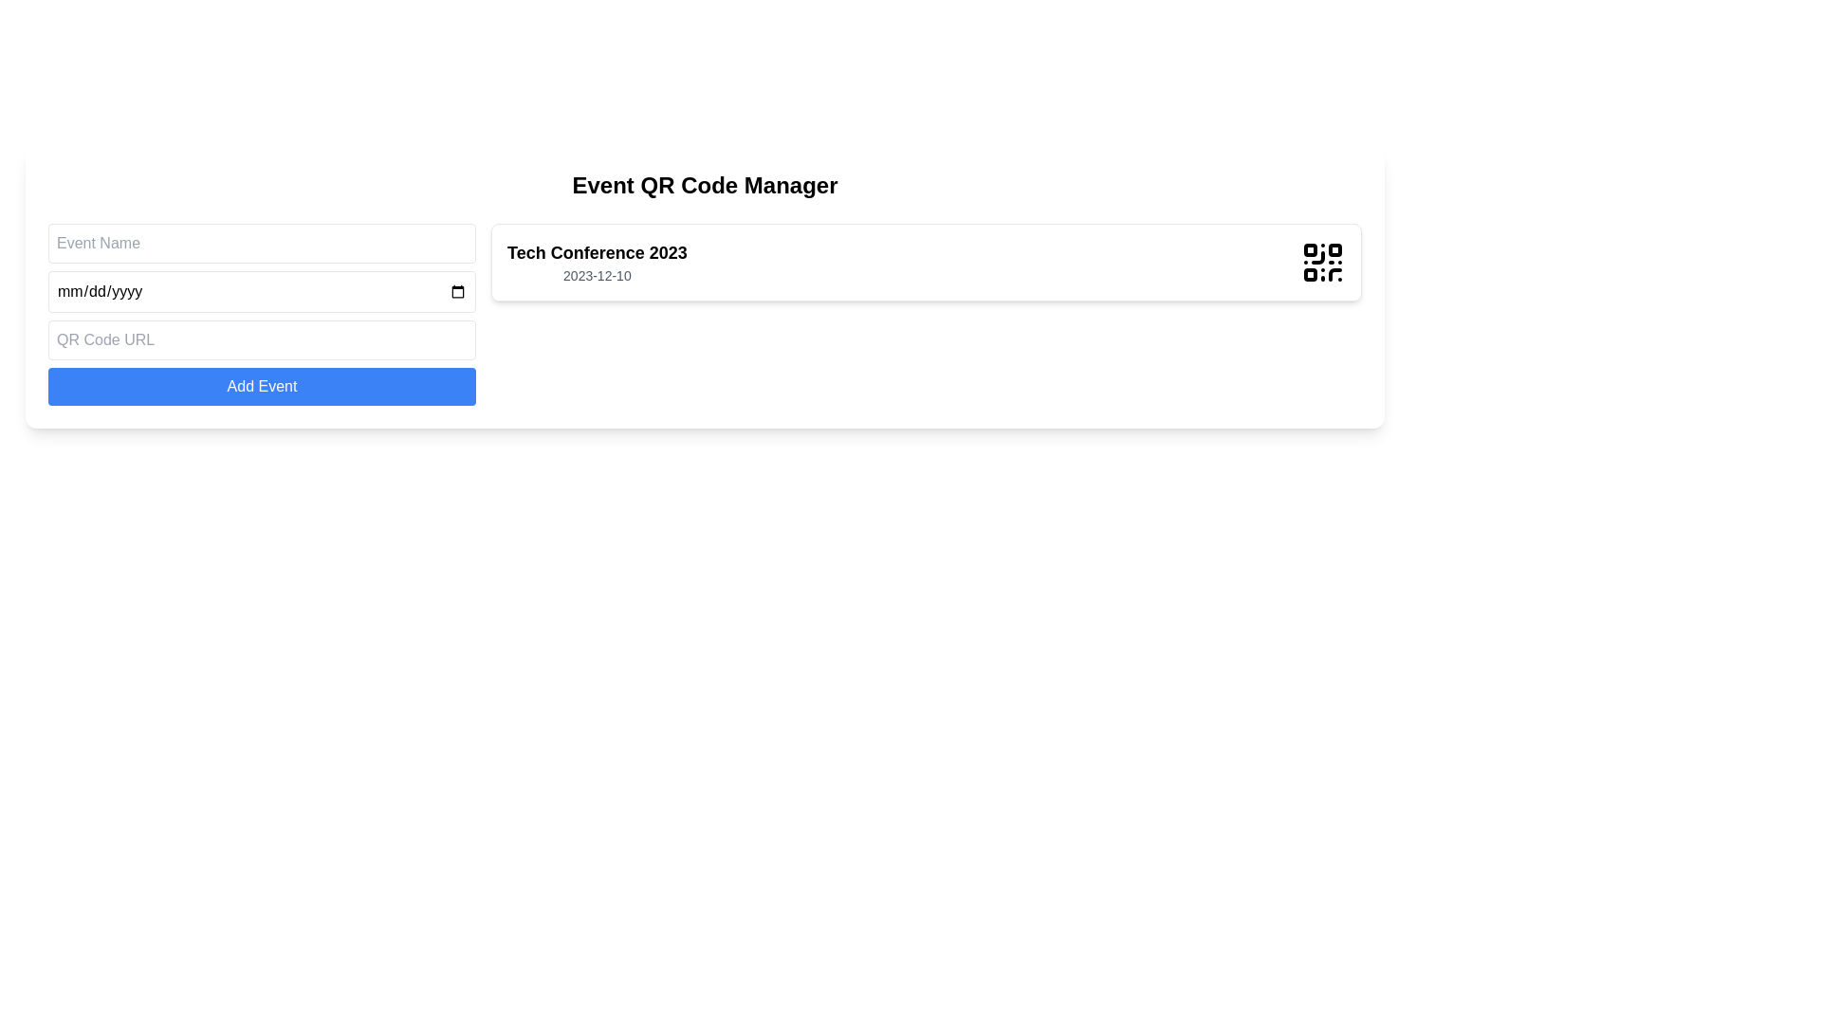 This screenshot has height=1024, width=1821. Describe the element at coordinates (1334, 248) in the screenshot. I see `the small square with rounded corners that is part of the QR code icon in the top right corner of the white card containing event information` at that location.